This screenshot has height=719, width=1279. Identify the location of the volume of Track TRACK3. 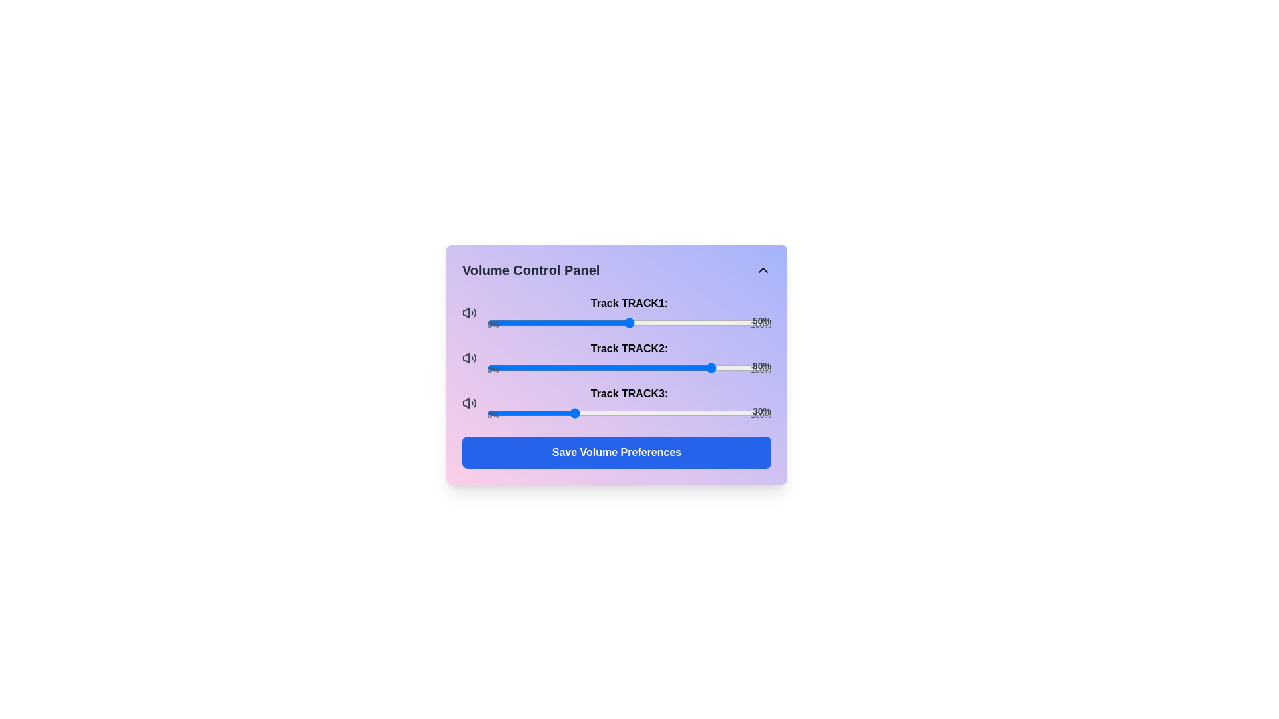
(495, 413).